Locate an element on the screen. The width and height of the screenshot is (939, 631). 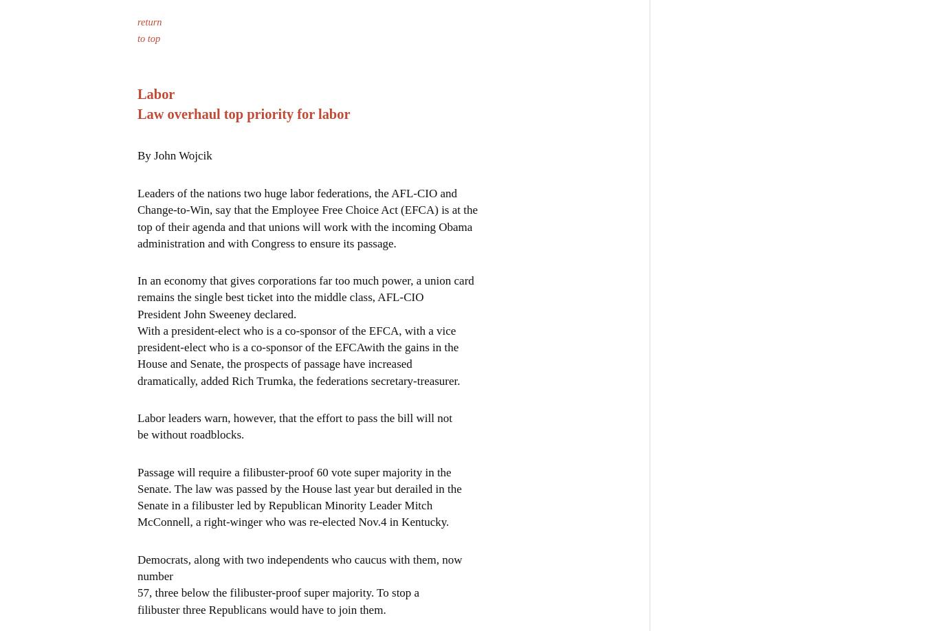
'57, three below the filibuster-proof super majority. To stop a' is located at coordinates (278, 591).